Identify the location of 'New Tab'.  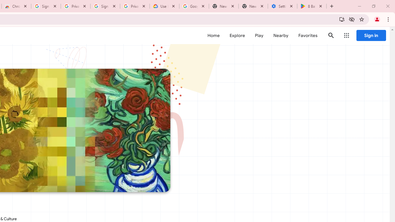
(253, 6).